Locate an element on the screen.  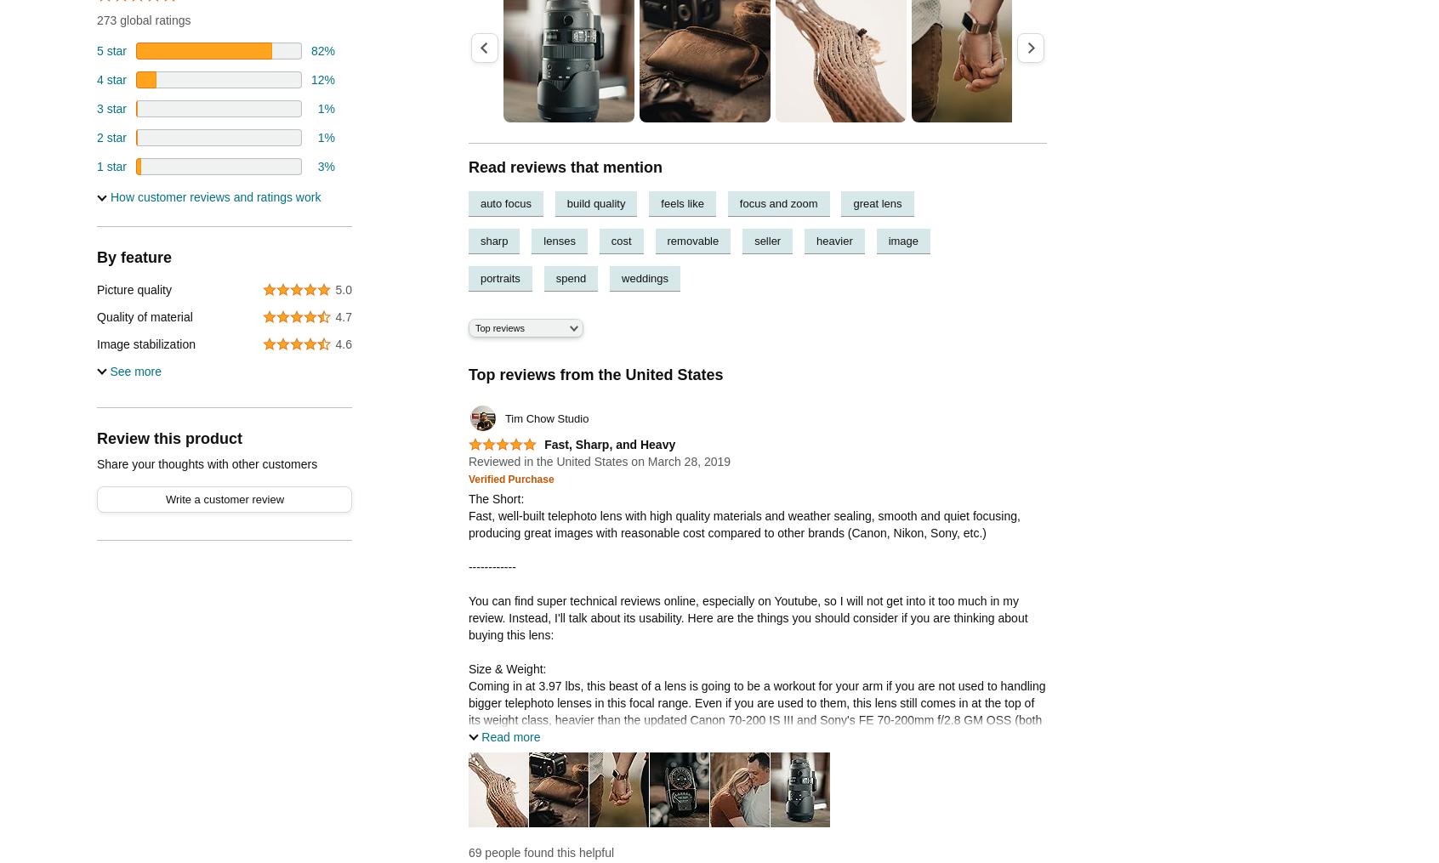
'Read reviews that mention' is located at coordinates (564, 165).